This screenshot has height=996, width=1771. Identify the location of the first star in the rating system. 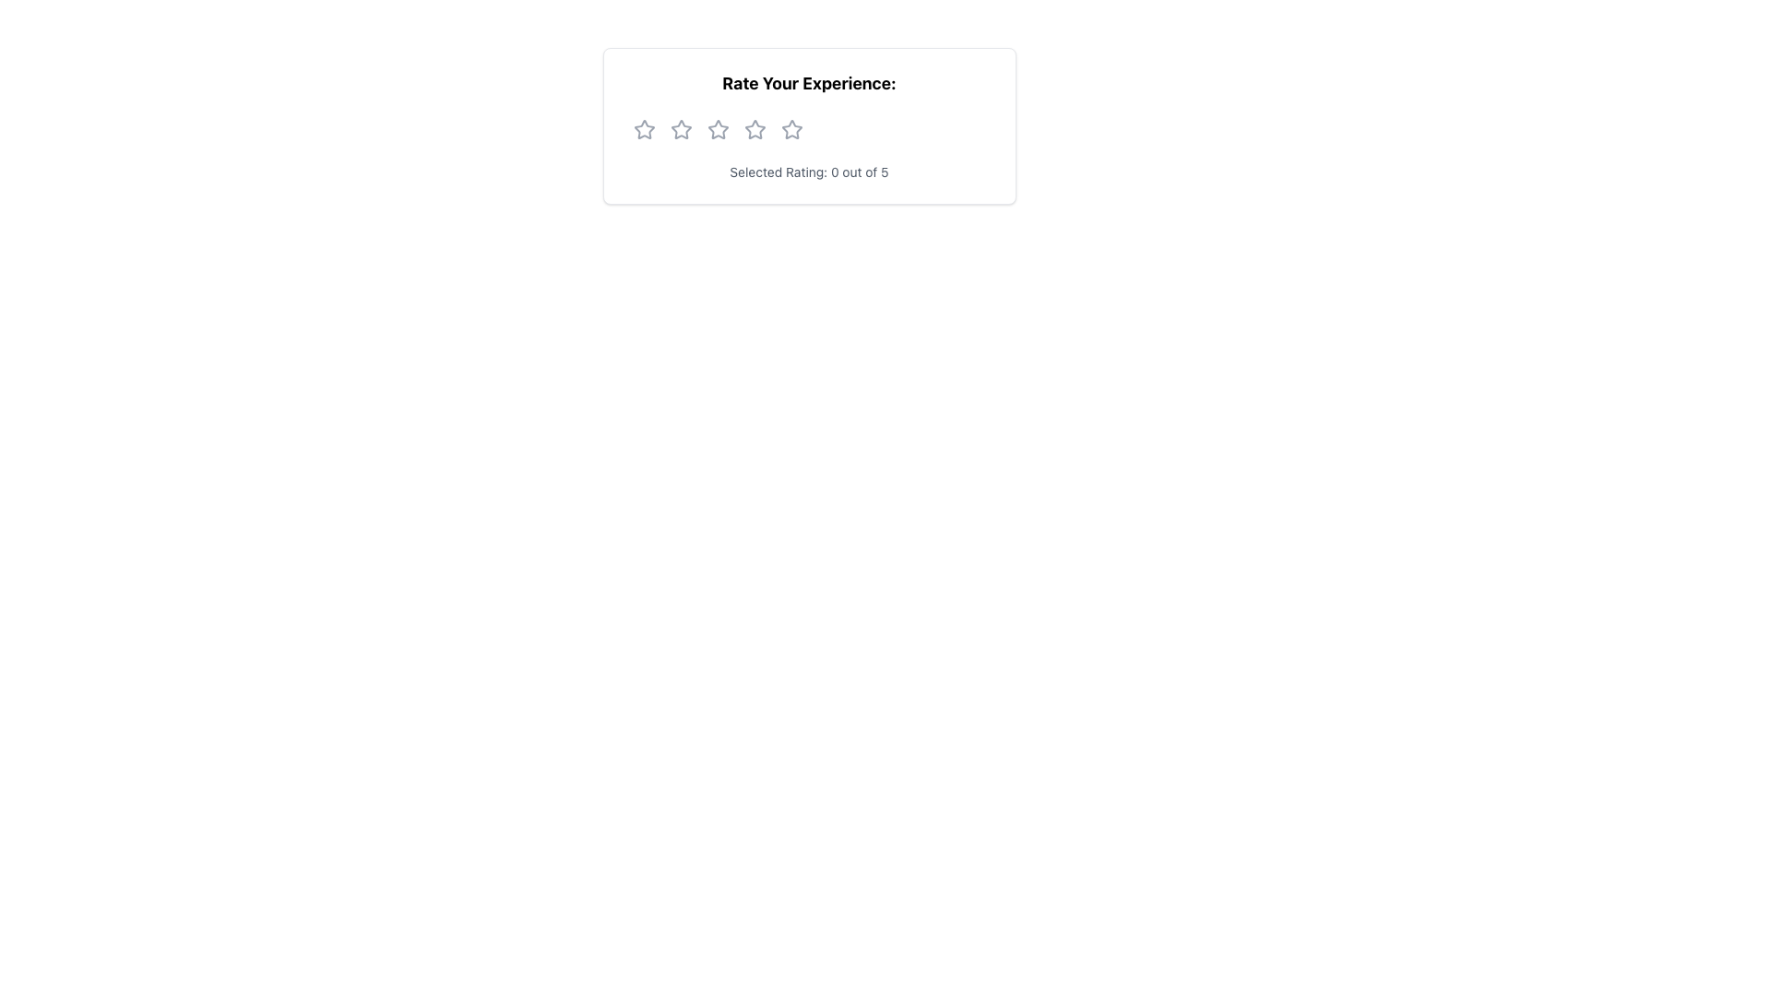
(644, 129).